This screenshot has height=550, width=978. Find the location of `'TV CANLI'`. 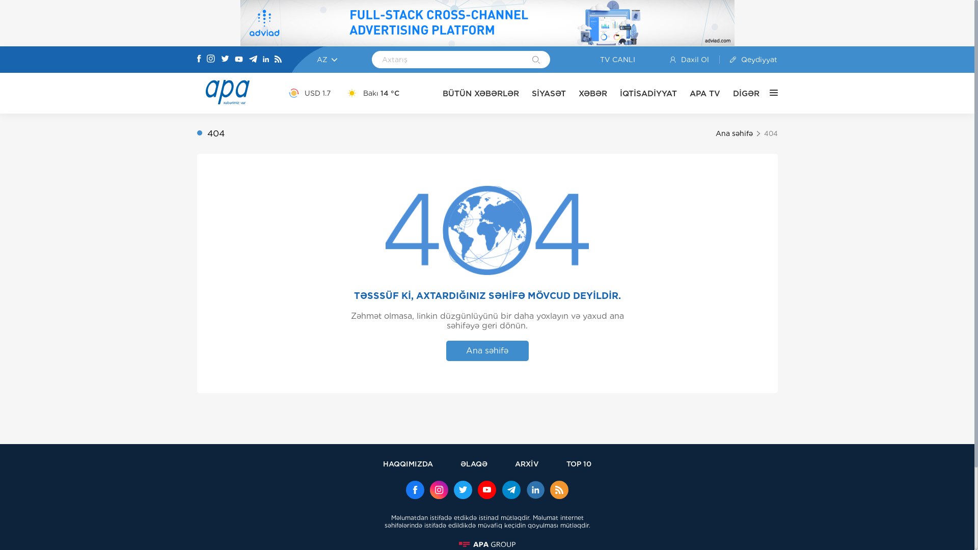

'TV CANLI' is located at coordinates (584, 59).